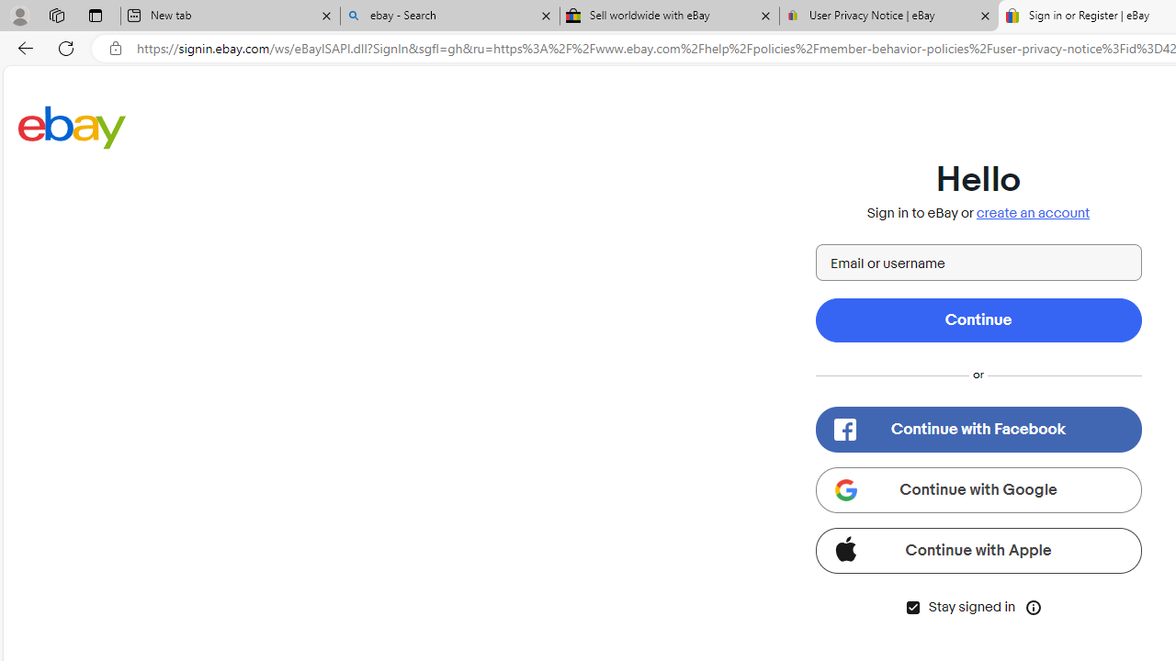  Describe the element at coordinates (888, 16) in the screenshot. I see `'User Privacy Notice | eBay'` at that location.